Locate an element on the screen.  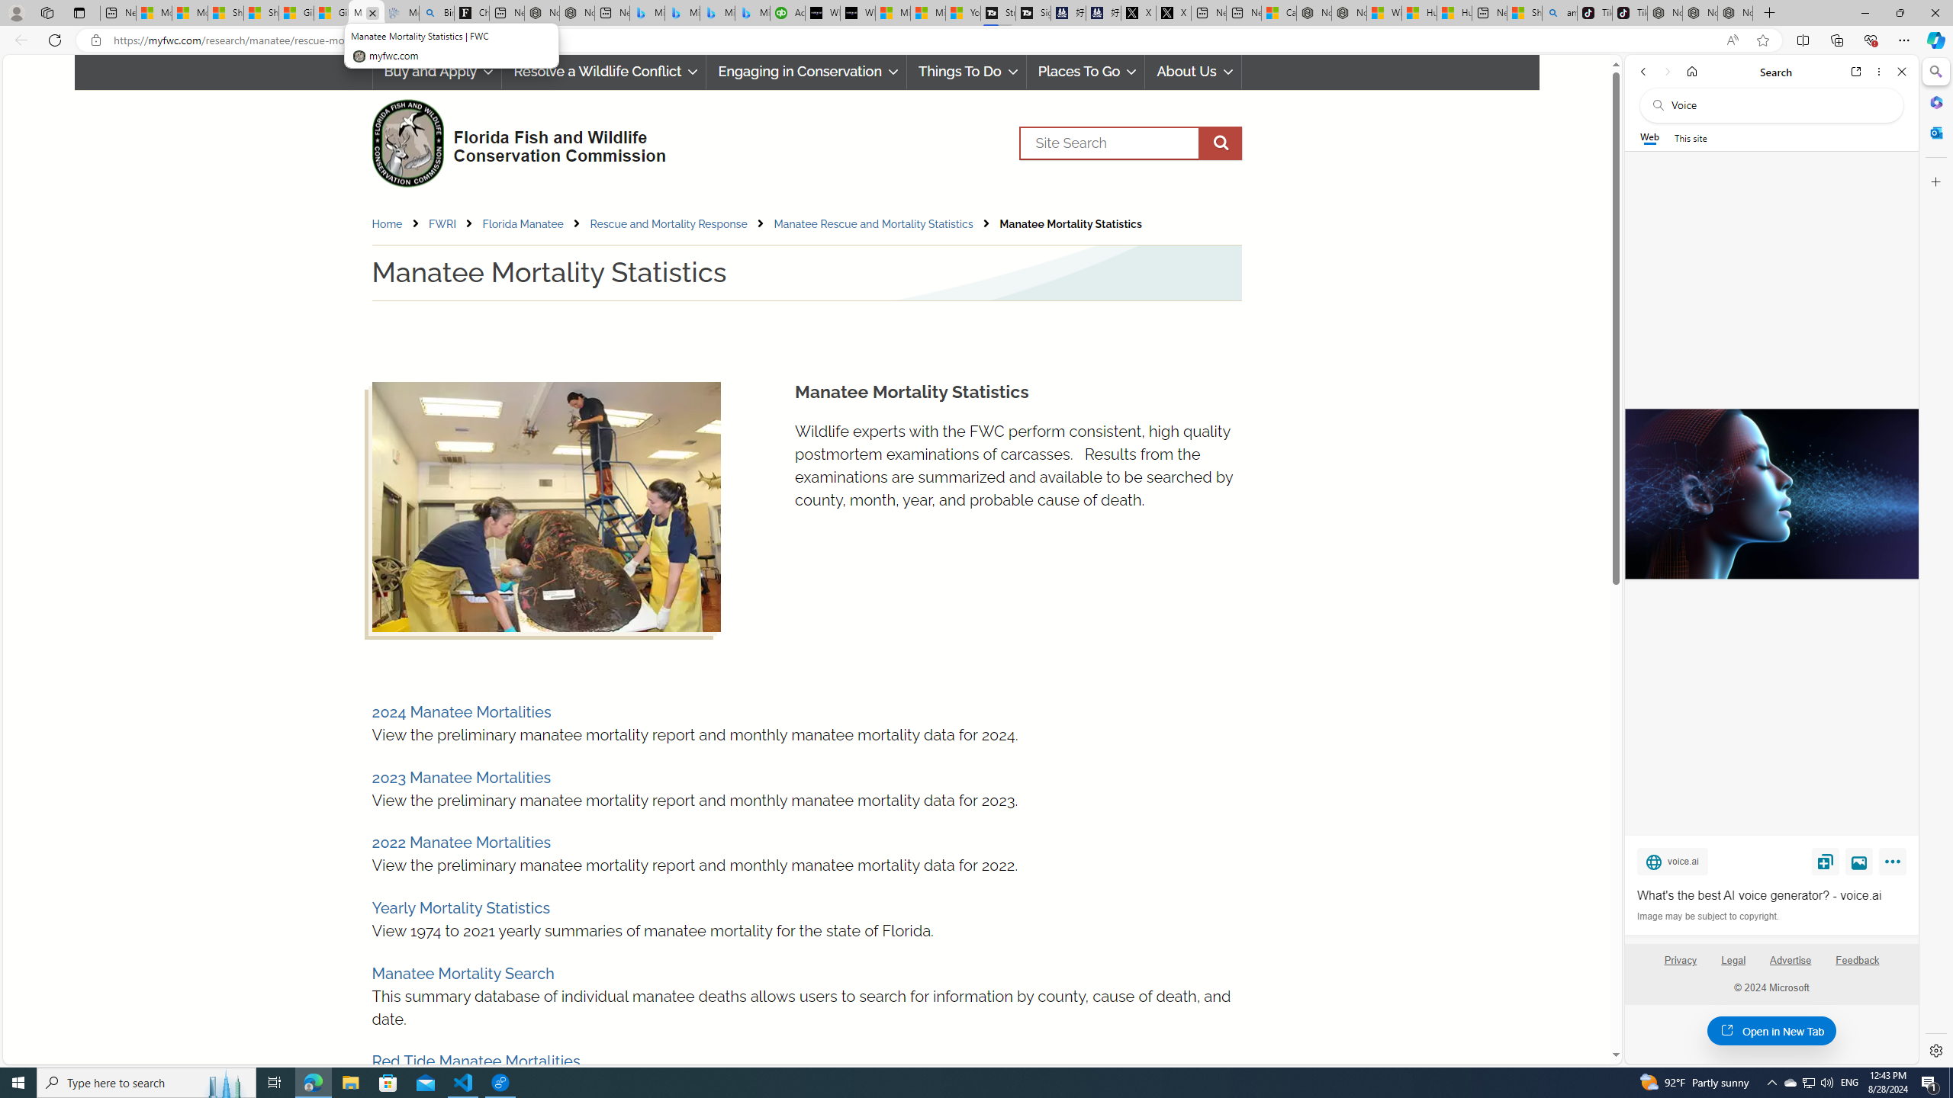
'More' is located at coordinates (1894, 864).